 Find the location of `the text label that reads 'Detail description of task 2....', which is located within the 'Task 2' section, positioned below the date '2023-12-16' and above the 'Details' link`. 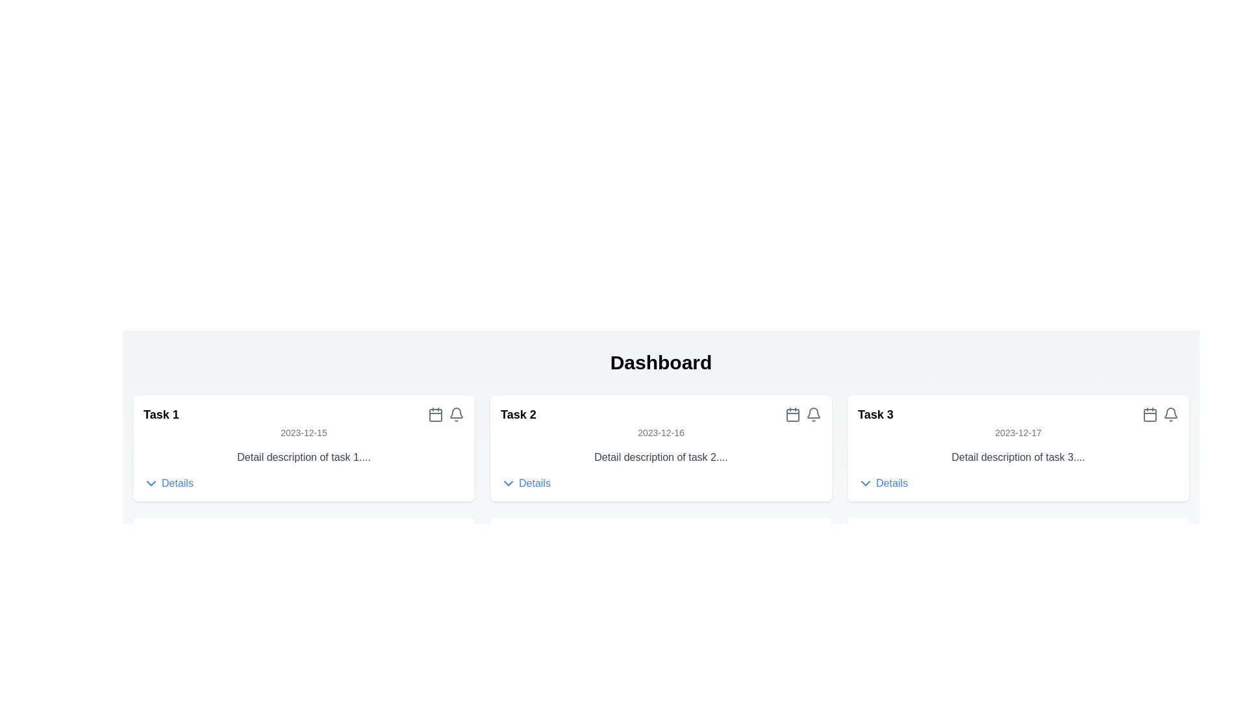

the text label that reads 'Detail description of task 2....', which is located within the 'Task 2' section, positioned below the date '2023-12-16' and above the 'Details' link is located at coordinates (661, 457).